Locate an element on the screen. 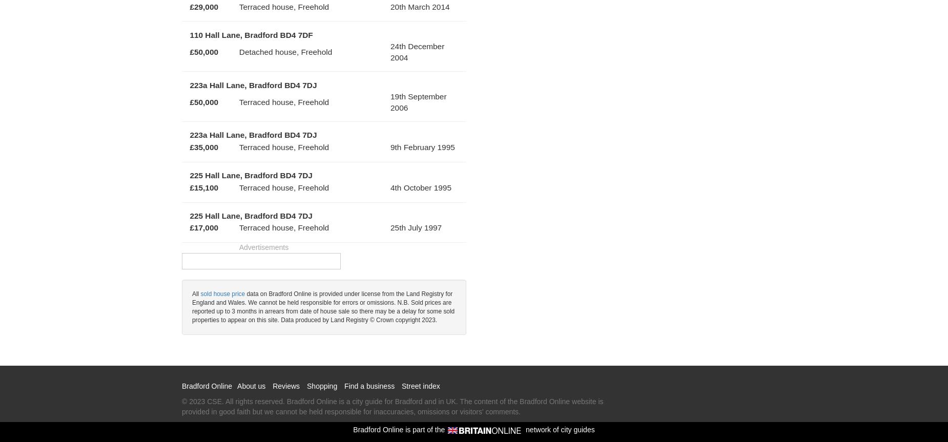  '£15,100' is located at coordinates (203, 187).